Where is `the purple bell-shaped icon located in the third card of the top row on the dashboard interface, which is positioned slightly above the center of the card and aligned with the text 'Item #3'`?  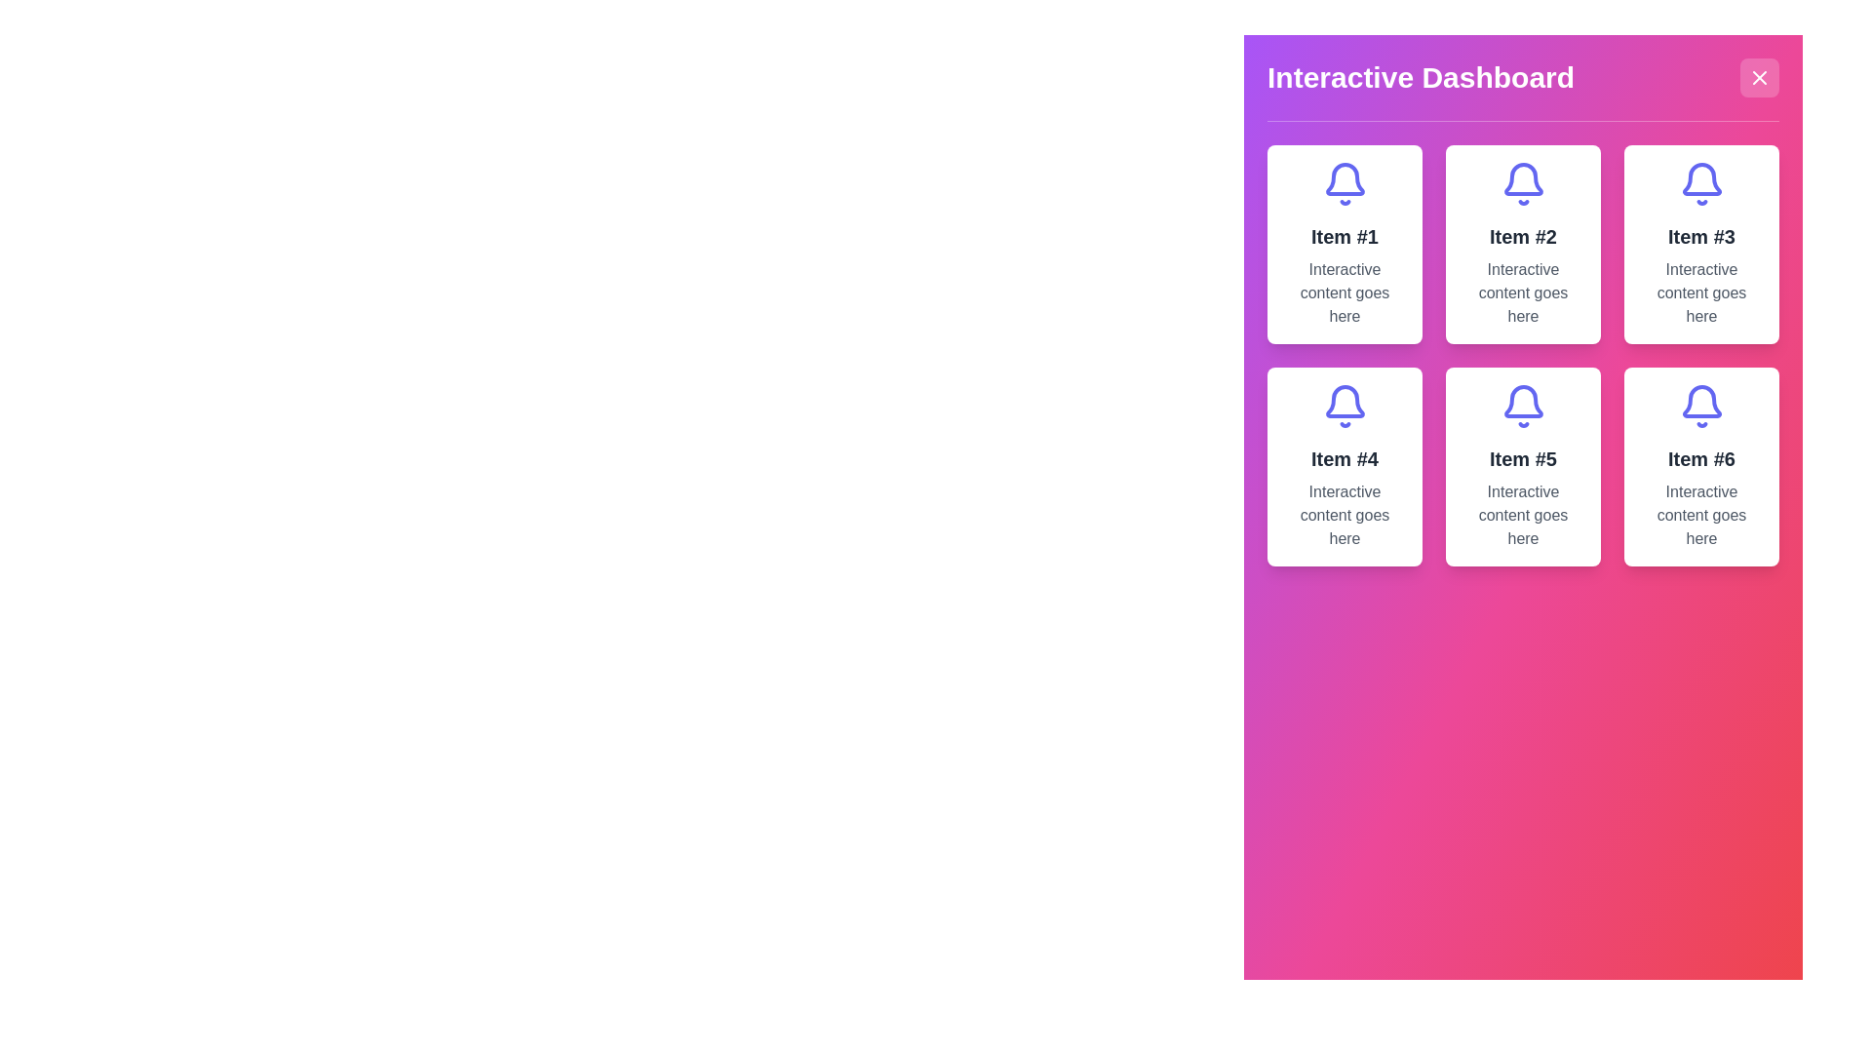 the purple bell-shaped icon located in the third card of the top row on the dashboard interface, which is positioned slightly above the center of the card and aligned with the text 'Item #3' is located at coordinates (1700, 179).